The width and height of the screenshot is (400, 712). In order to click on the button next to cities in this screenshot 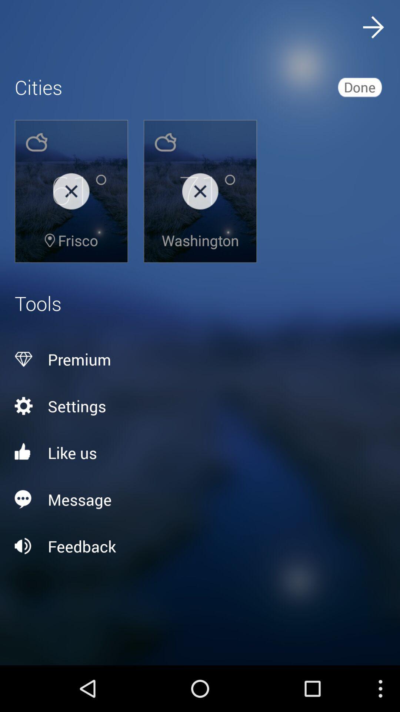, I will do `click(359, 87)`.